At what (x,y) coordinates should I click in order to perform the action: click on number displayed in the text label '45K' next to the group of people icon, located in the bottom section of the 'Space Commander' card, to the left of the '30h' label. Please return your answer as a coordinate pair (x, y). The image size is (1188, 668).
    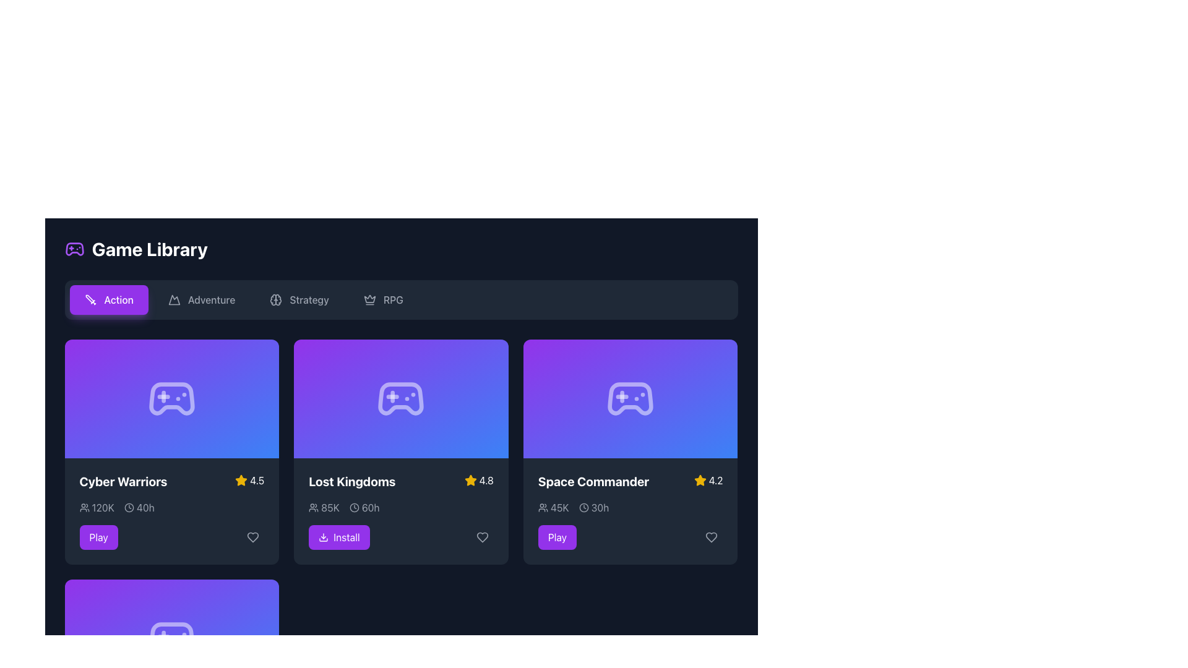
    Looking at the image, I should click on (553, 508).